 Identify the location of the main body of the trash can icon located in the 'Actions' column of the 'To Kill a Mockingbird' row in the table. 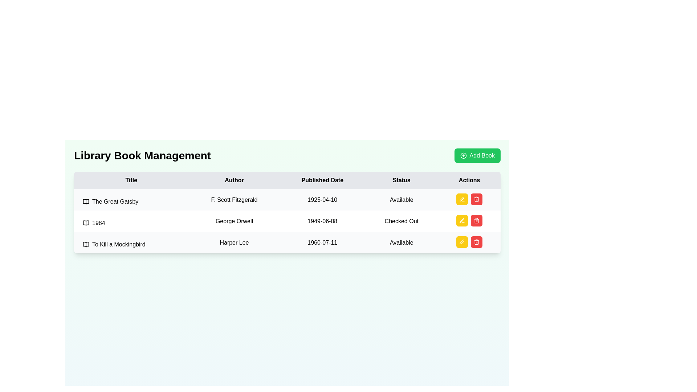
(477, 242).